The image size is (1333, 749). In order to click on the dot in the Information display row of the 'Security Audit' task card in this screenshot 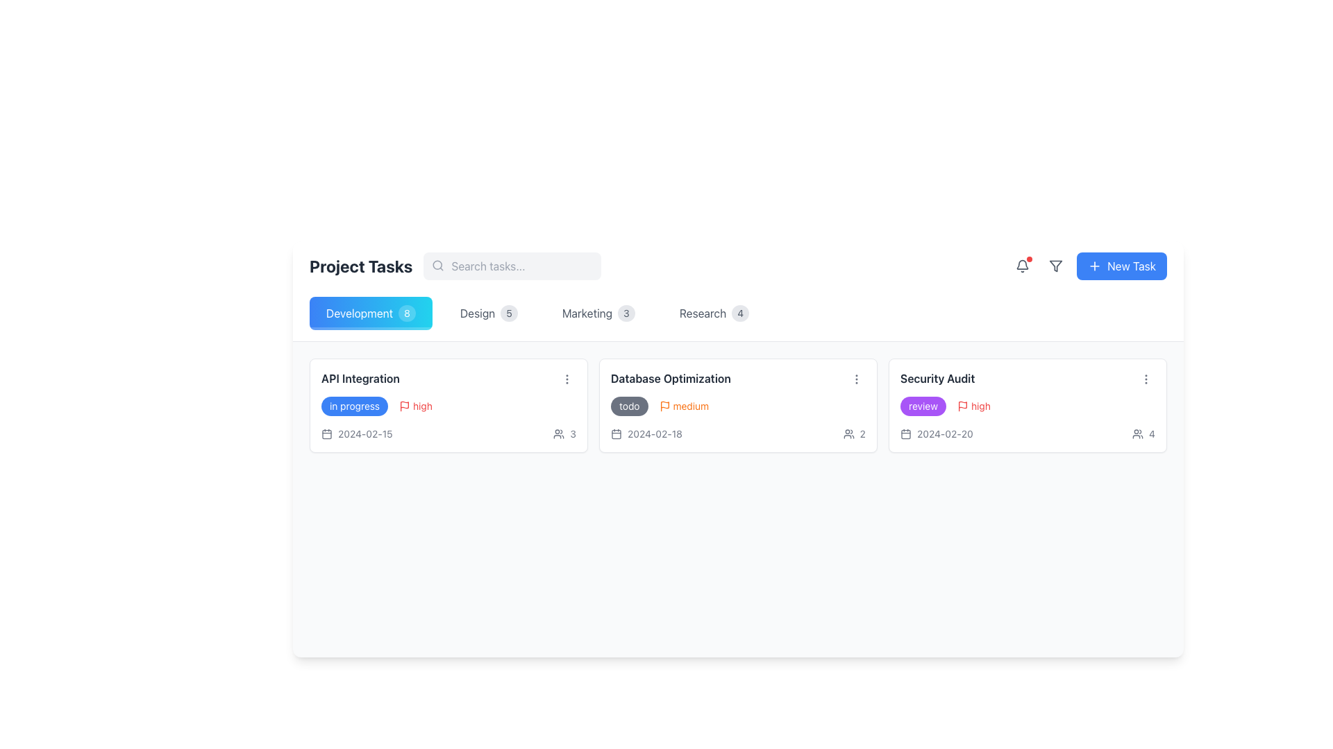, I will do `click(1028, 433)`.